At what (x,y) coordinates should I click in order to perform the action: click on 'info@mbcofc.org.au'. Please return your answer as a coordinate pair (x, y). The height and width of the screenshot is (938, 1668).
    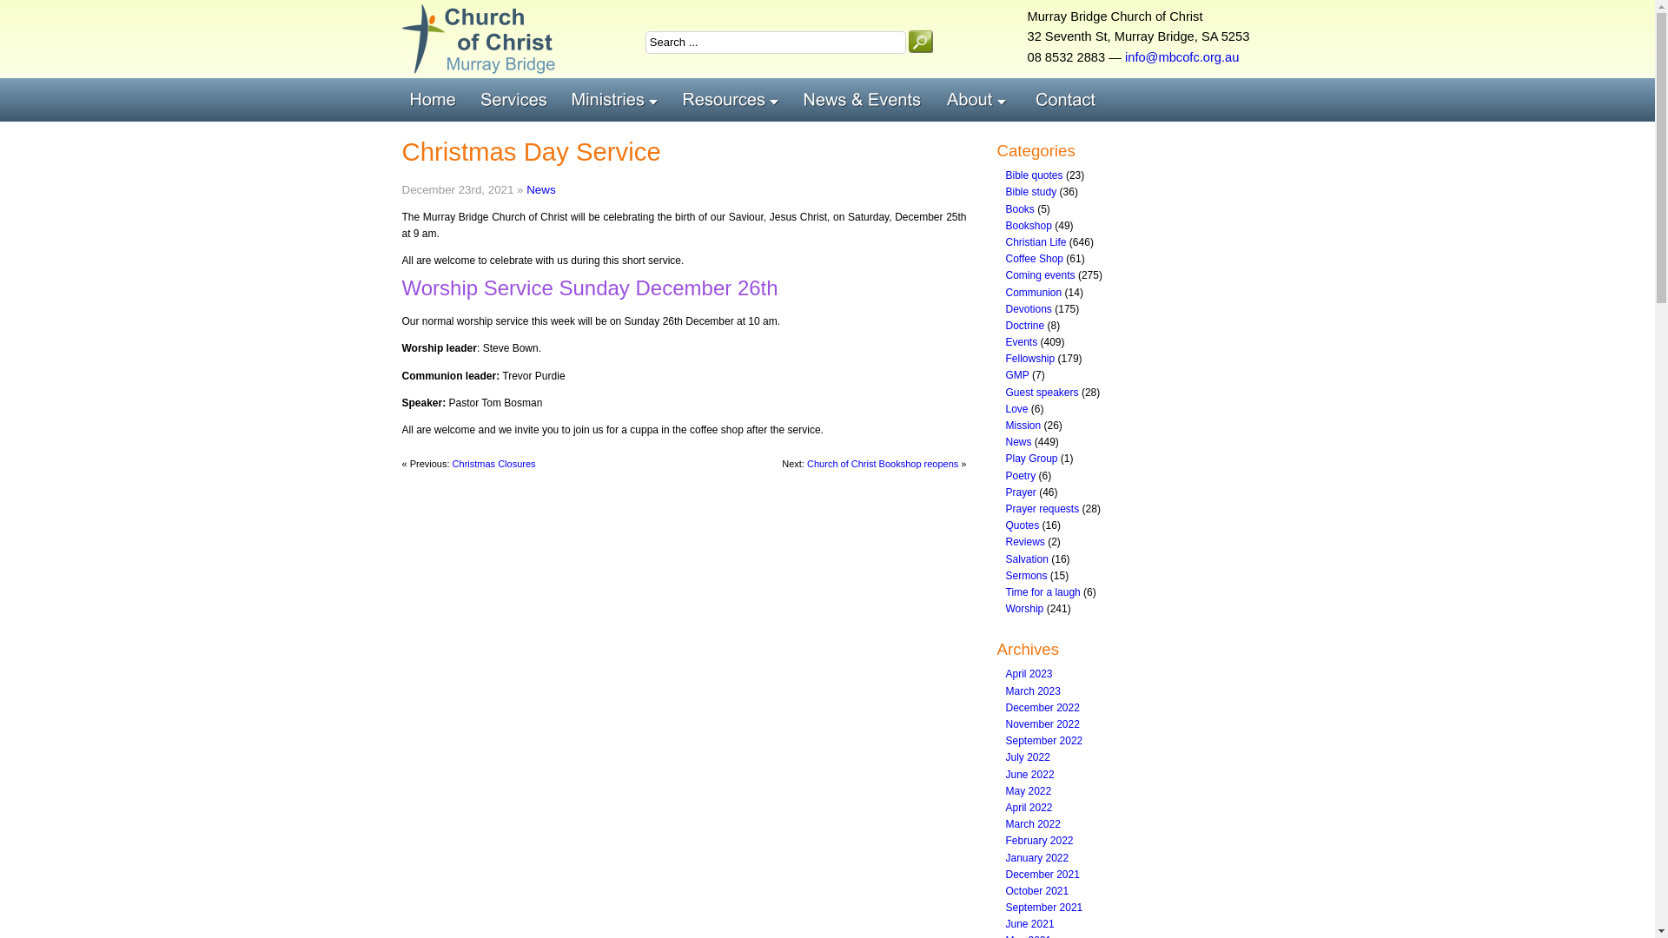
    Looking at the image, I should click on (1181, 56).